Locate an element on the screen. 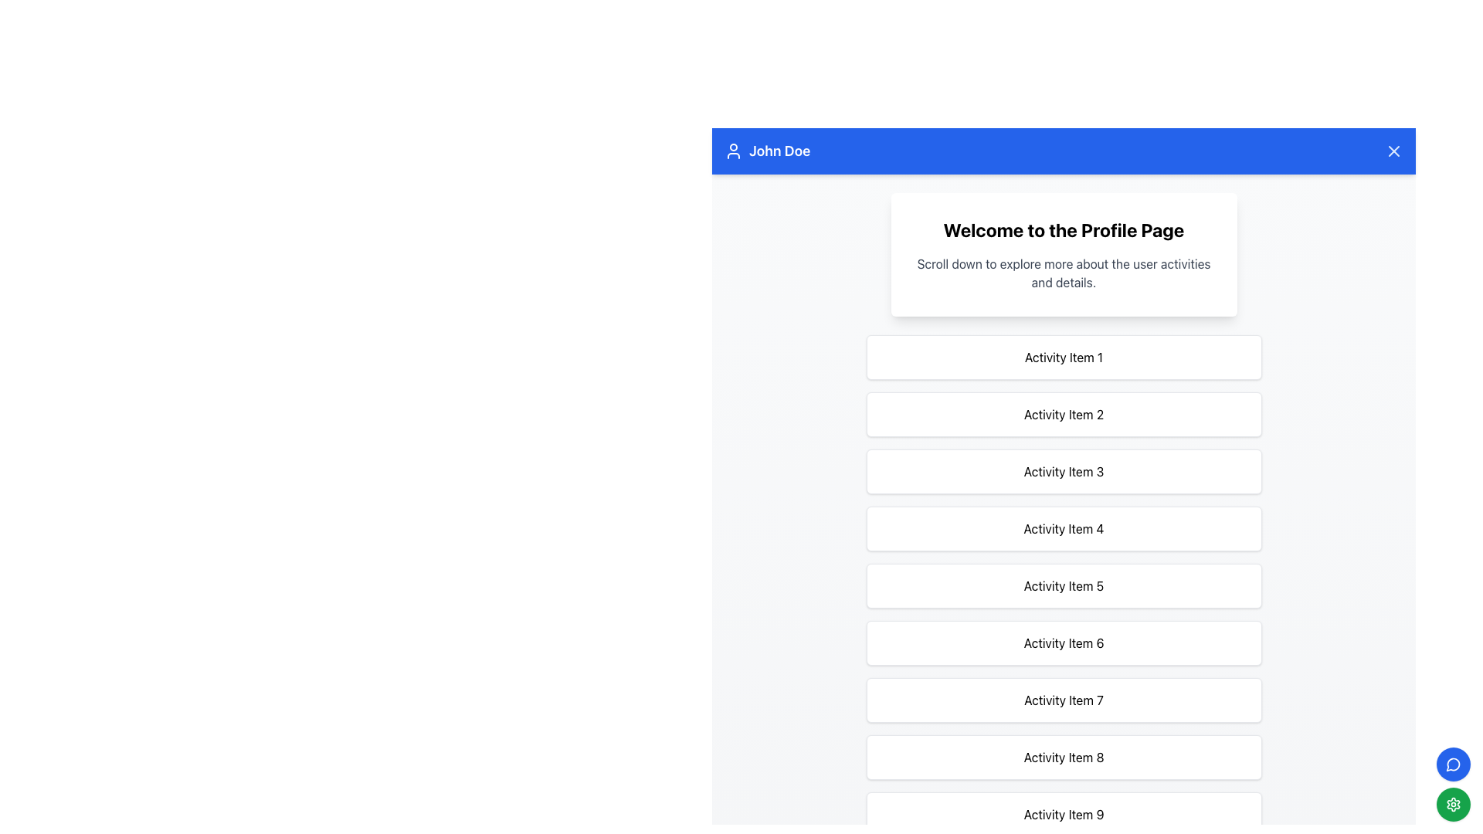  text from the bold label displaying 'John Doe' located in the blue header area, adjacent to the user icon graphic is located at coordinates (779, 151).